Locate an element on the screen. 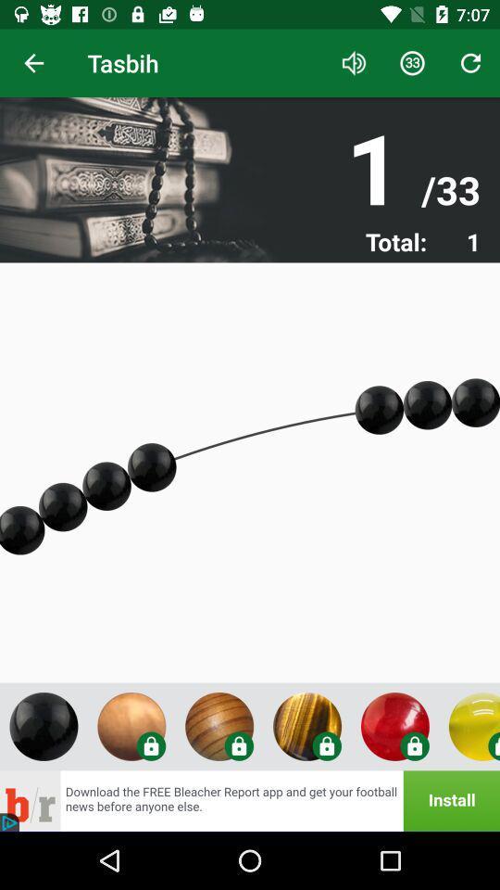 The image size is (500, 890). icon to the right of tasbih is located at coordinates (354, 63).